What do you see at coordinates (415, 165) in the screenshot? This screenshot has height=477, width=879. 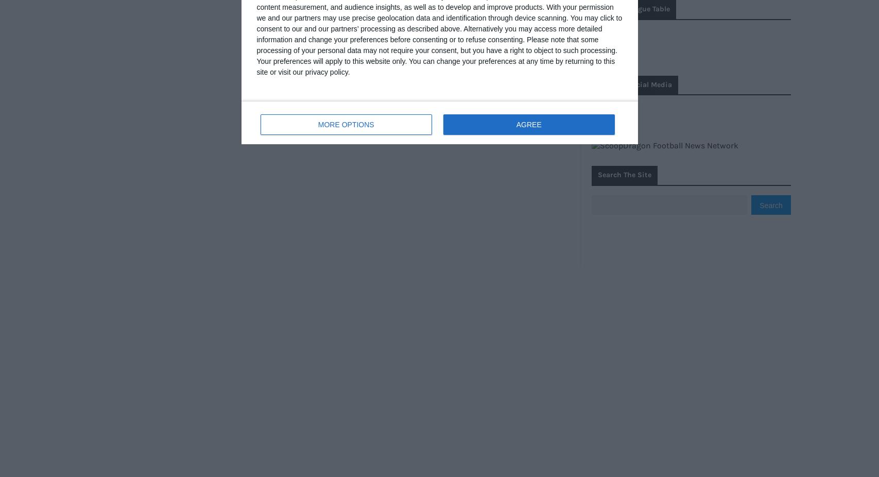 I see `'Catalan football, English tactics: why England has changed Guardiola'` at bounding box center [415, 165].